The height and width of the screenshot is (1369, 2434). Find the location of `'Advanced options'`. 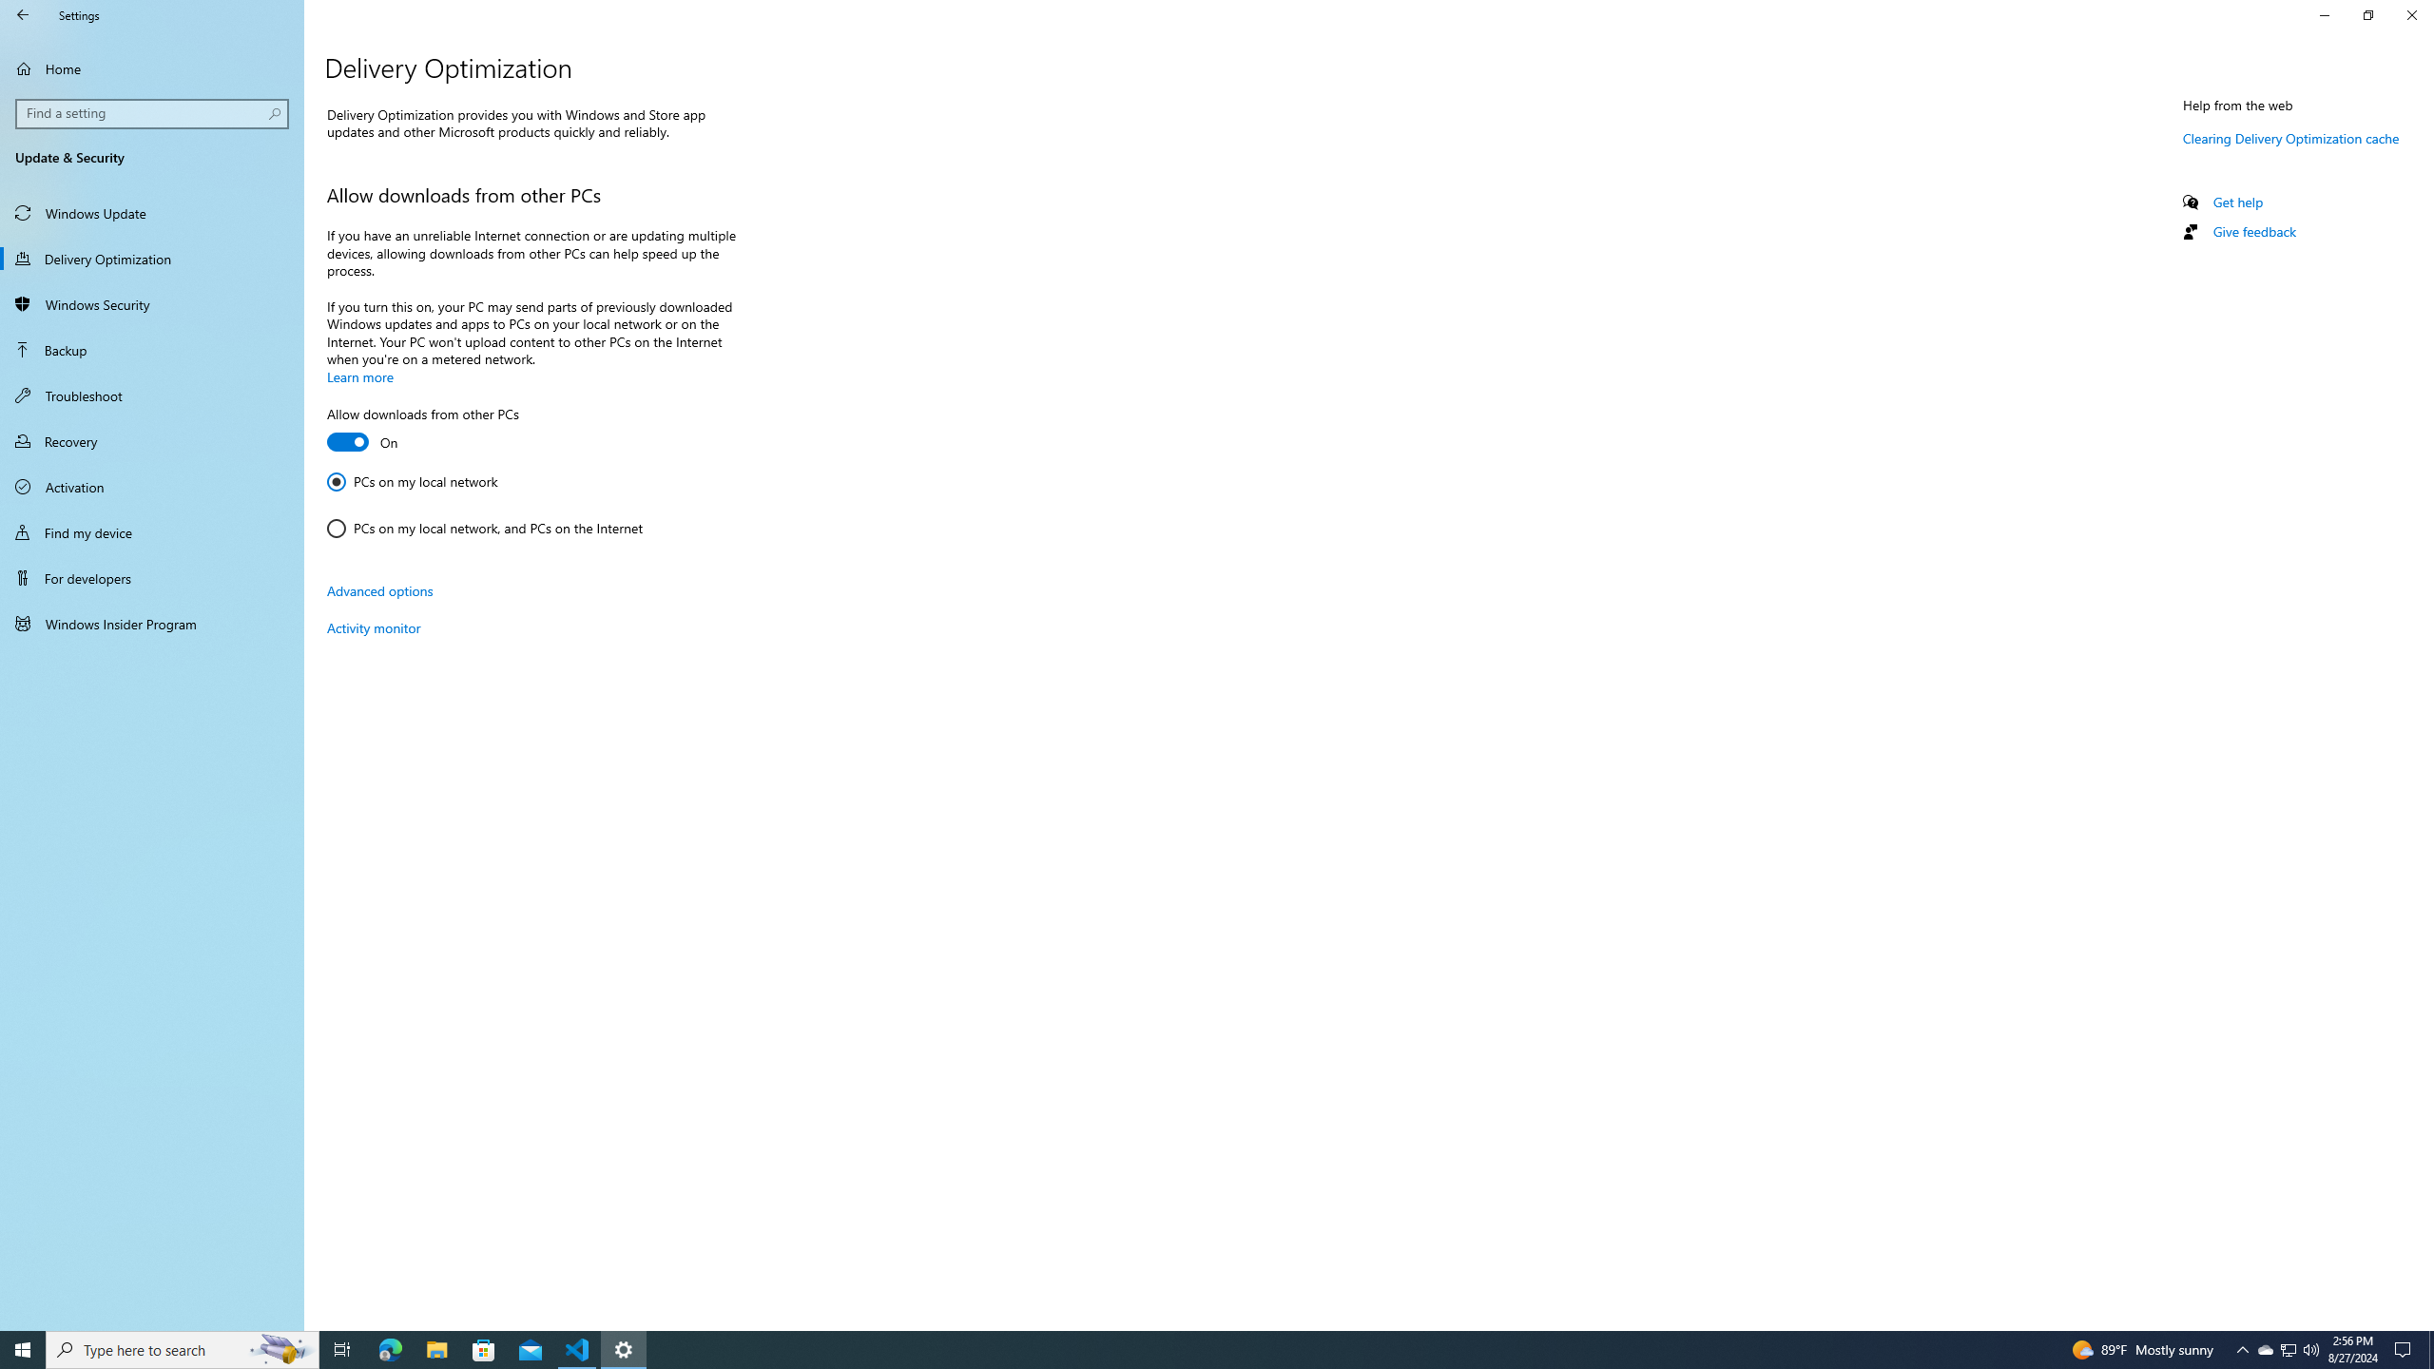

'Advanced options' is located at coordinates (379, 589).